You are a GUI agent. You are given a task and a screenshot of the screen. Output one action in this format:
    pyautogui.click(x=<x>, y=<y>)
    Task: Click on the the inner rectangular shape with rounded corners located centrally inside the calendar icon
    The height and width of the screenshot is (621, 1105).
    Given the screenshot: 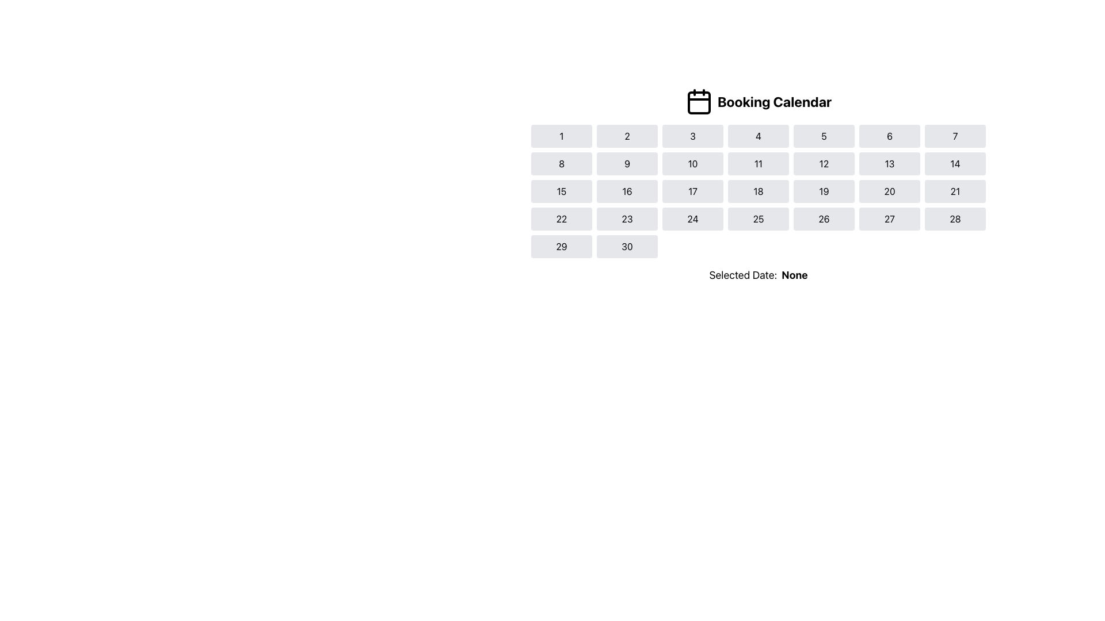 What is the action you would take?
    pyautogui.click(x=698, y=102)
    